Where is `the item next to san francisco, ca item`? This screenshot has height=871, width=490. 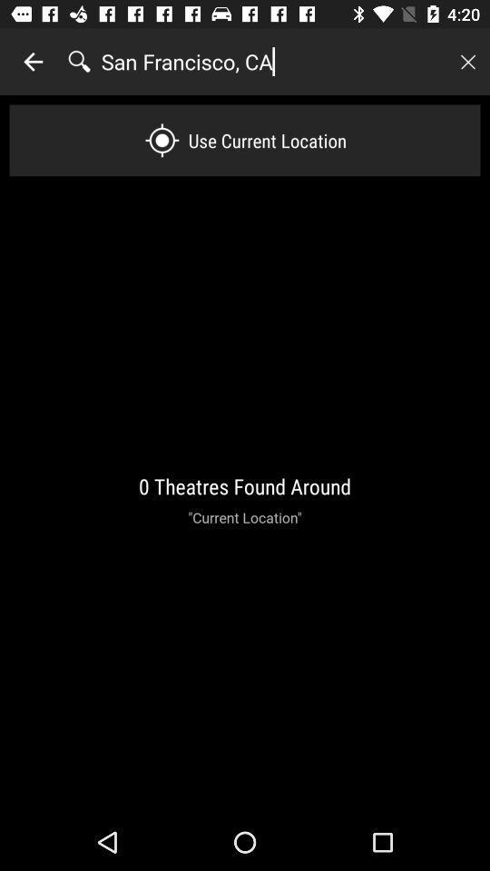
the item next to san francisco, ca item is located at coordinates (33, 62).